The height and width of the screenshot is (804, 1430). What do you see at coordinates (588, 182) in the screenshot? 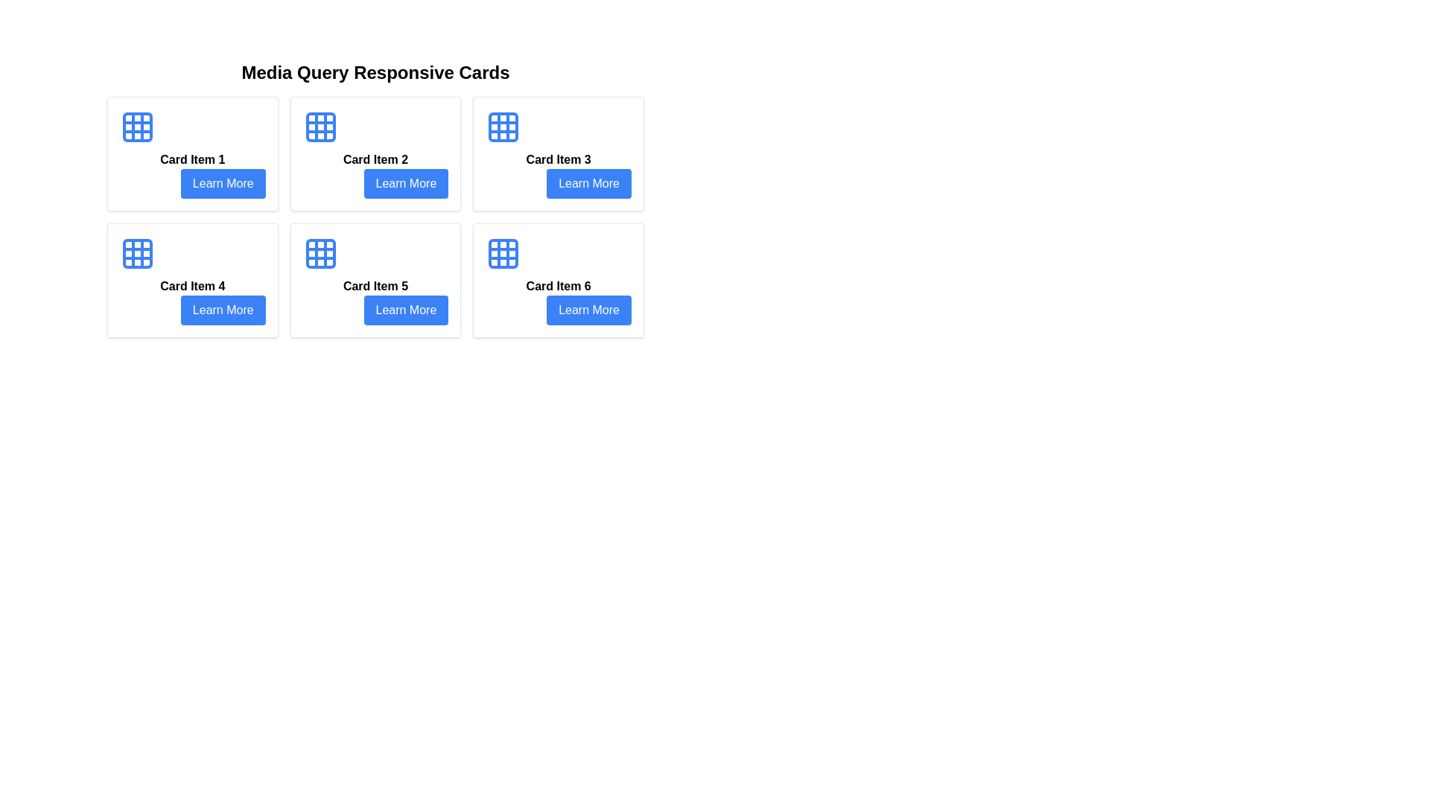
I see `the button located at the bottom right of 'Card Item 3'` at bounding box center [588, 182].